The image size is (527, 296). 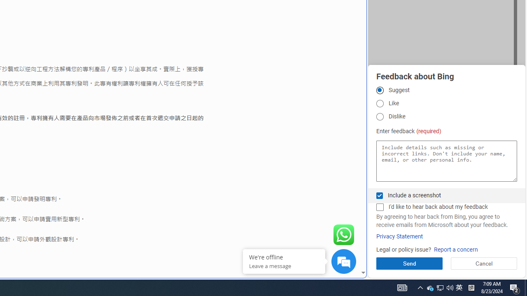 I want to click on 'Privacy Statement', so click(x=399, y=236).